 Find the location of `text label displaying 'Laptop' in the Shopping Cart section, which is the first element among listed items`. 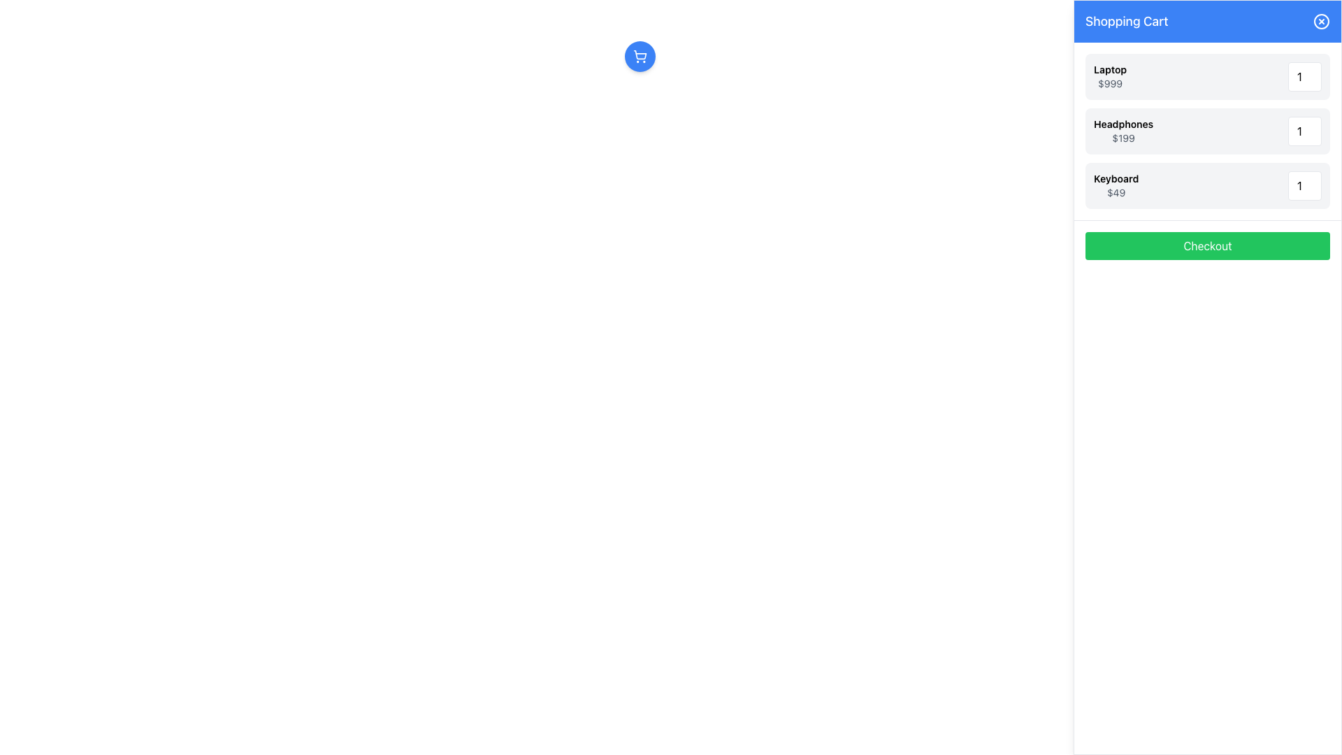

text label displaying 'Laptop' in the Shopping Cart section, which is the first element among listed items is located at coordinates (1109, 70).